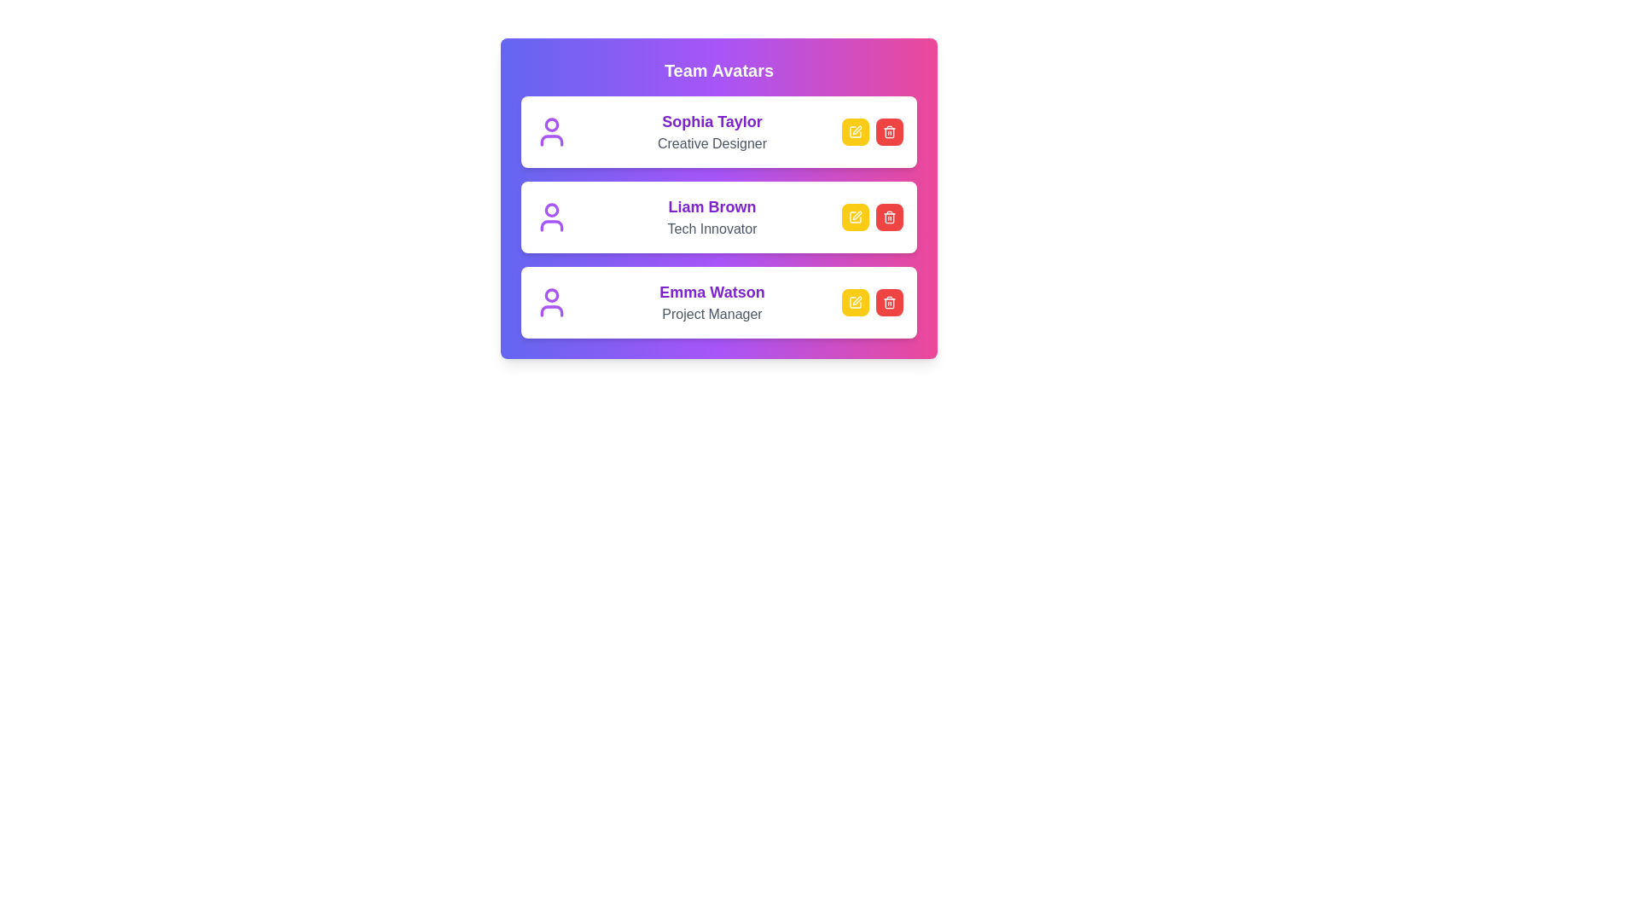  What do you see at coordinates (872, 216) in the screenshot?
I see `the edit button represented by a pencil icon in the button group located at the far right of the 'Liam Brown' section to initiate editing` at bounding box center [872, 216].